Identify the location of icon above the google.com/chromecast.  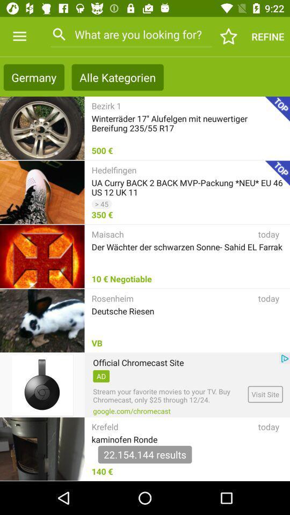
(169, 395).